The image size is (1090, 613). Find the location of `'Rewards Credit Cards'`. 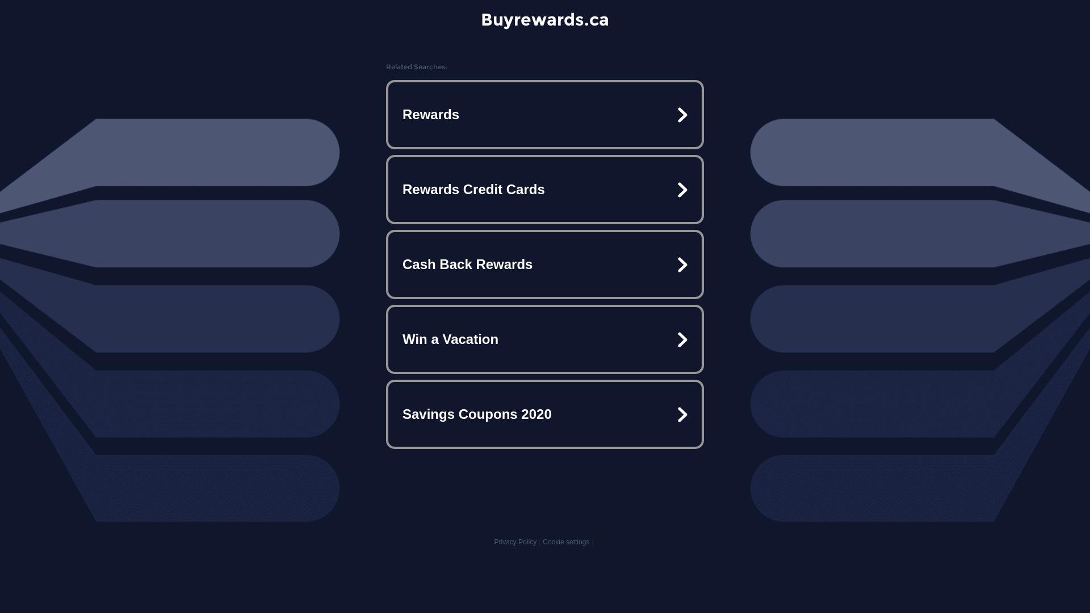

'Rewards Credit Cards' is located at coordinates (545, 189).